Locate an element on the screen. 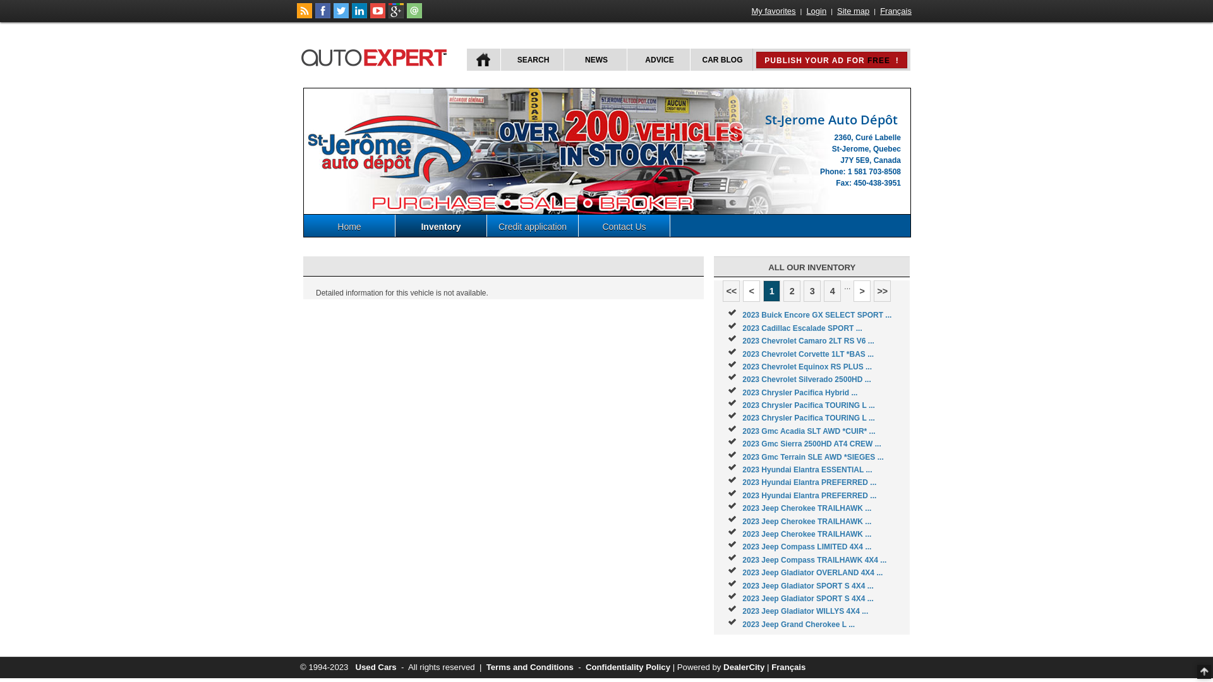 The image size is (1213, 682). '2023 Jeep Gladiator OVERLAND 4X4 ...' is located at coordinates (812, 572).